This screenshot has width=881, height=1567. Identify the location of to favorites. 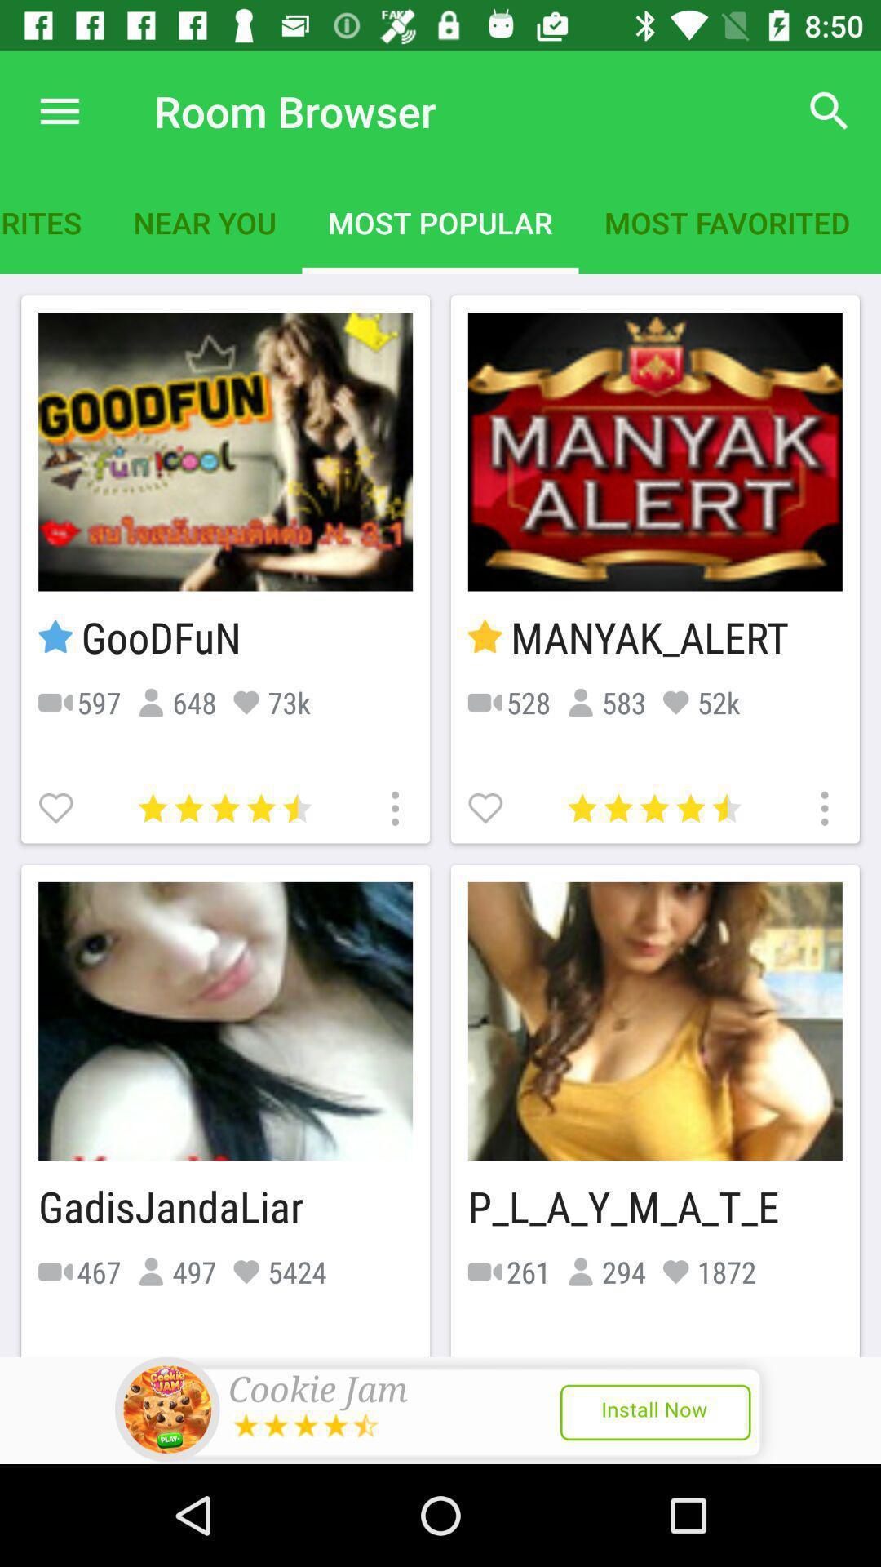
(57, 806).